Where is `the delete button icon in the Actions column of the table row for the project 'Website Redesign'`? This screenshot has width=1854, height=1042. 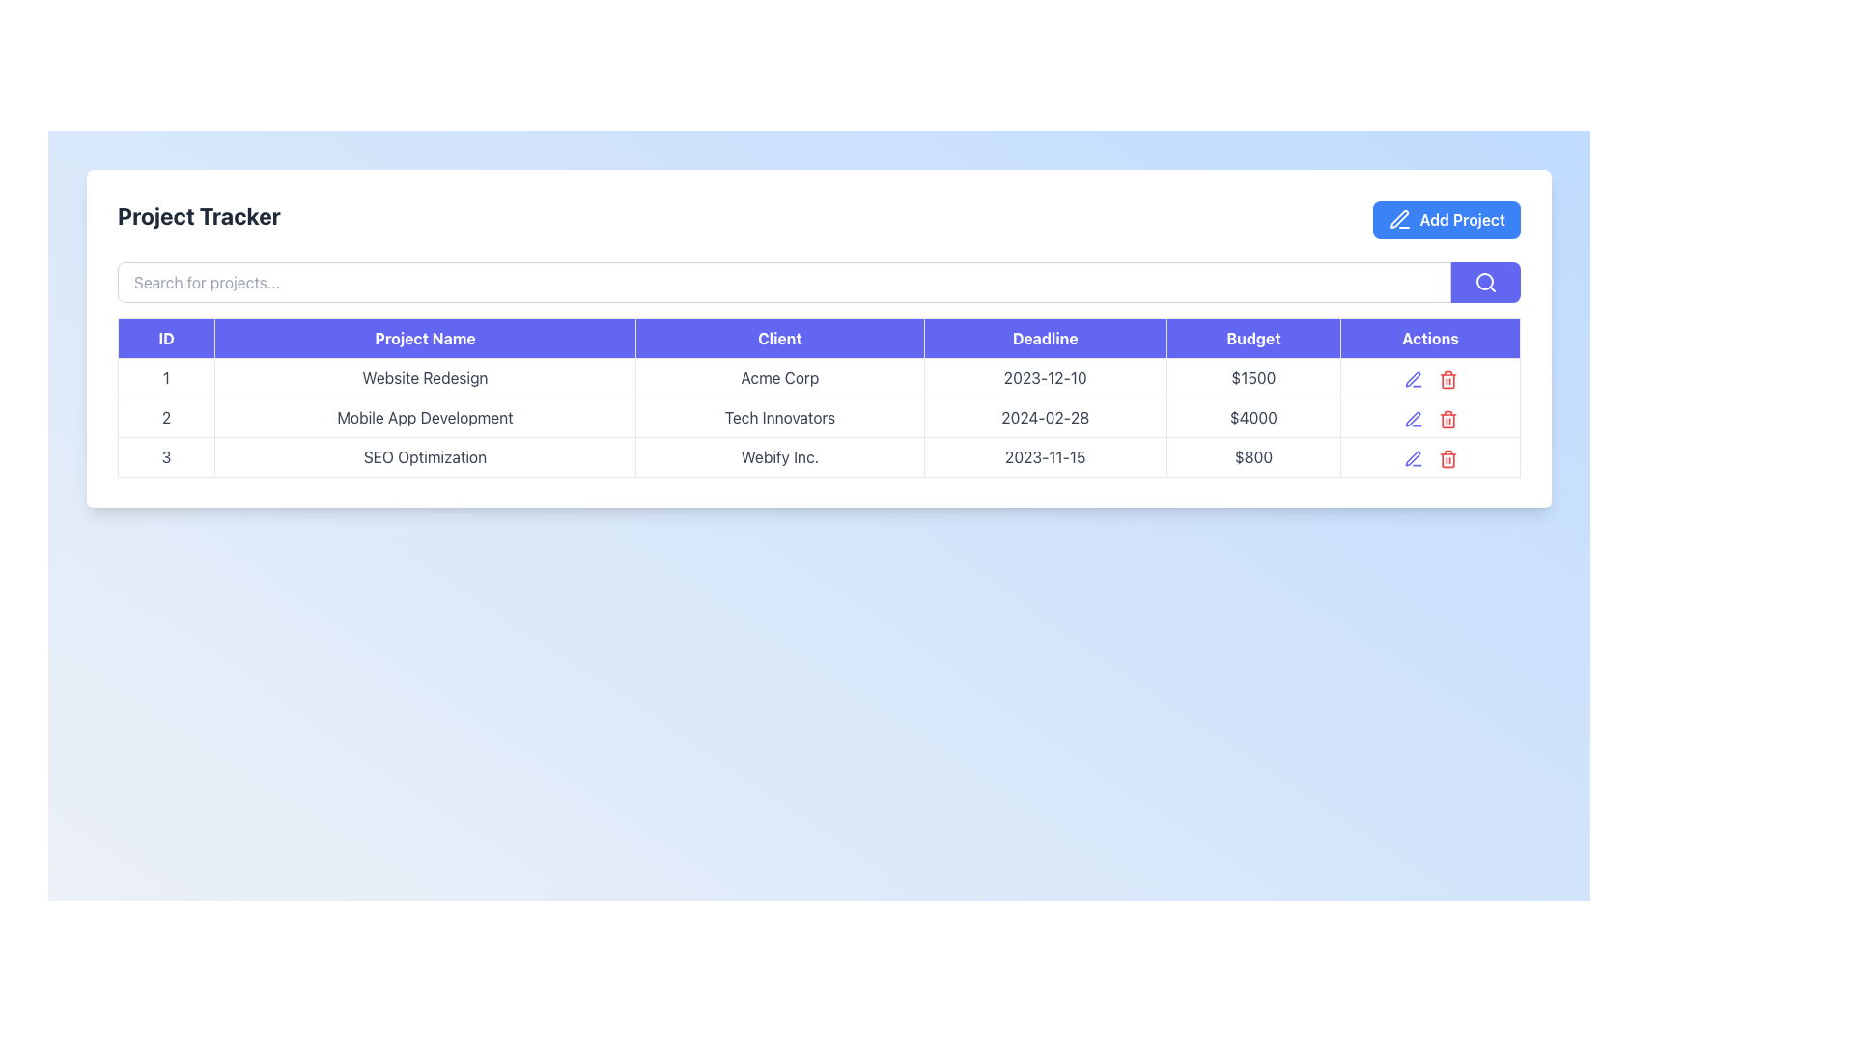 the delete button icon in the Actions column of the table row for the project 'Website Redesign' is located at coordinates (1447, 378).